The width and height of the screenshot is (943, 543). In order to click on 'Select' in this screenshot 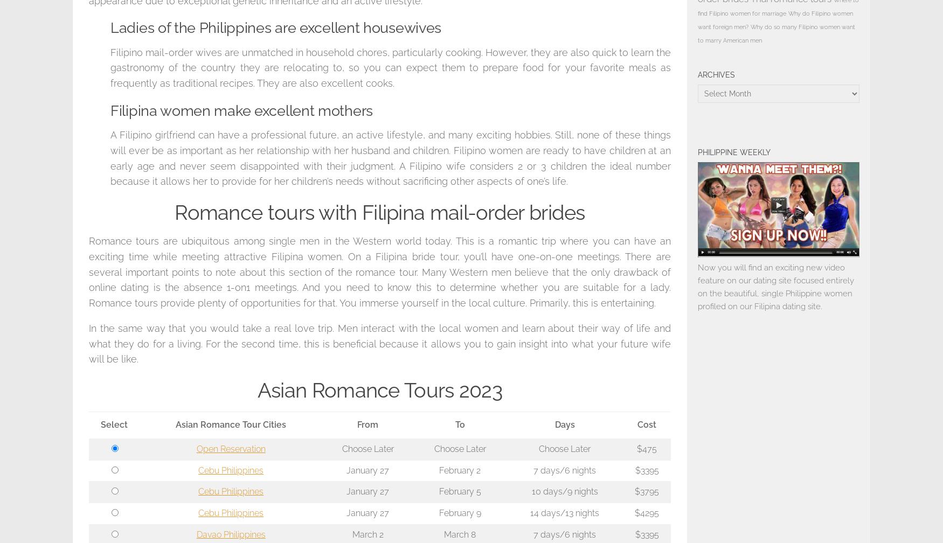, I will do `click(114, 424)`.